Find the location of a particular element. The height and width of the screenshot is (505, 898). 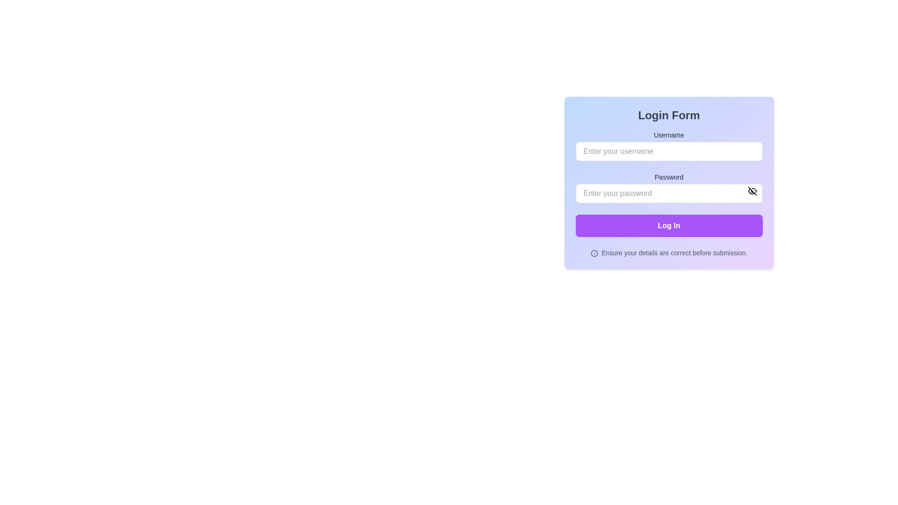

the submission button located centrally at the bottom of the form panel is located at coordinates (668, 225).